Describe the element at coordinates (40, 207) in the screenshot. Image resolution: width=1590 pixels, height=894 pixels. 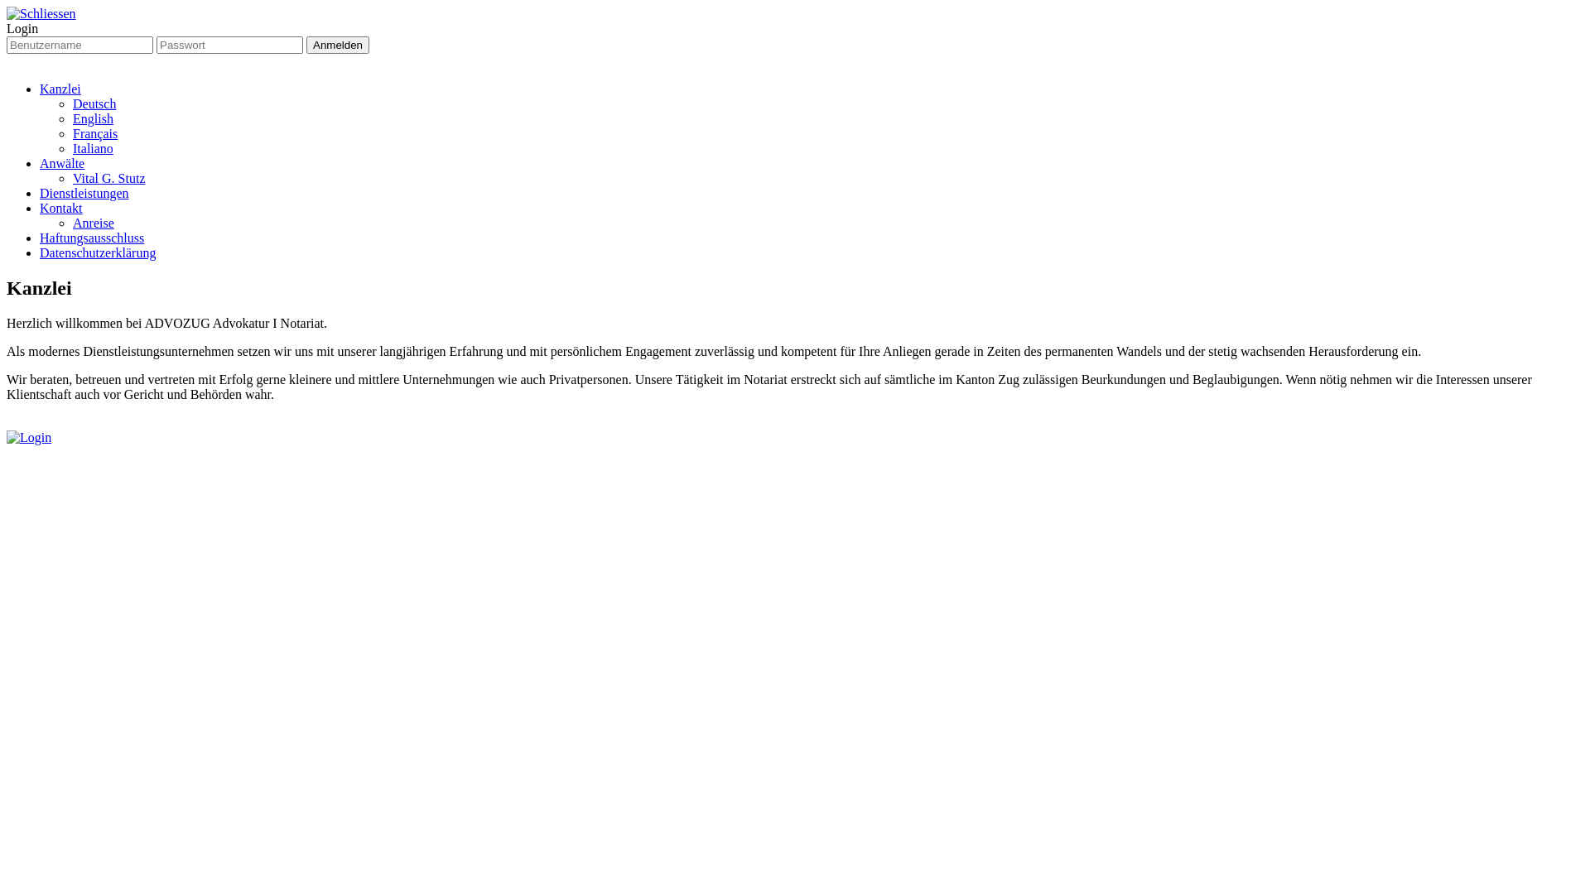
I see `'Kontakt'` at that location.